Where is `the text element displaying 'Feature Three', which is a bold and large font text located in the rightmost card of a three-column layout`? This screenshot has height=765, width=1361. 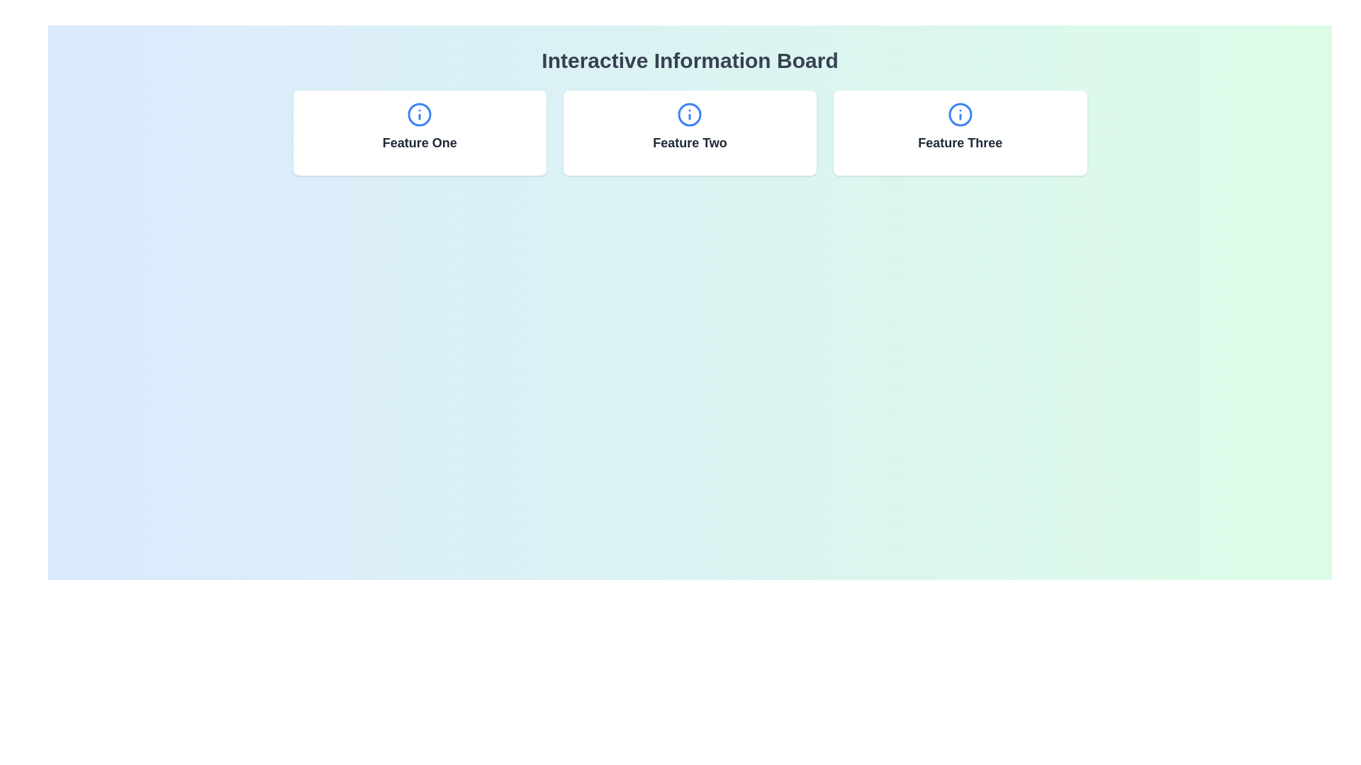 the text element displaying 'Feature Three', which is a bold and large font text located in the rightmost card of a three-column layout is located at coordinates (960, 142).